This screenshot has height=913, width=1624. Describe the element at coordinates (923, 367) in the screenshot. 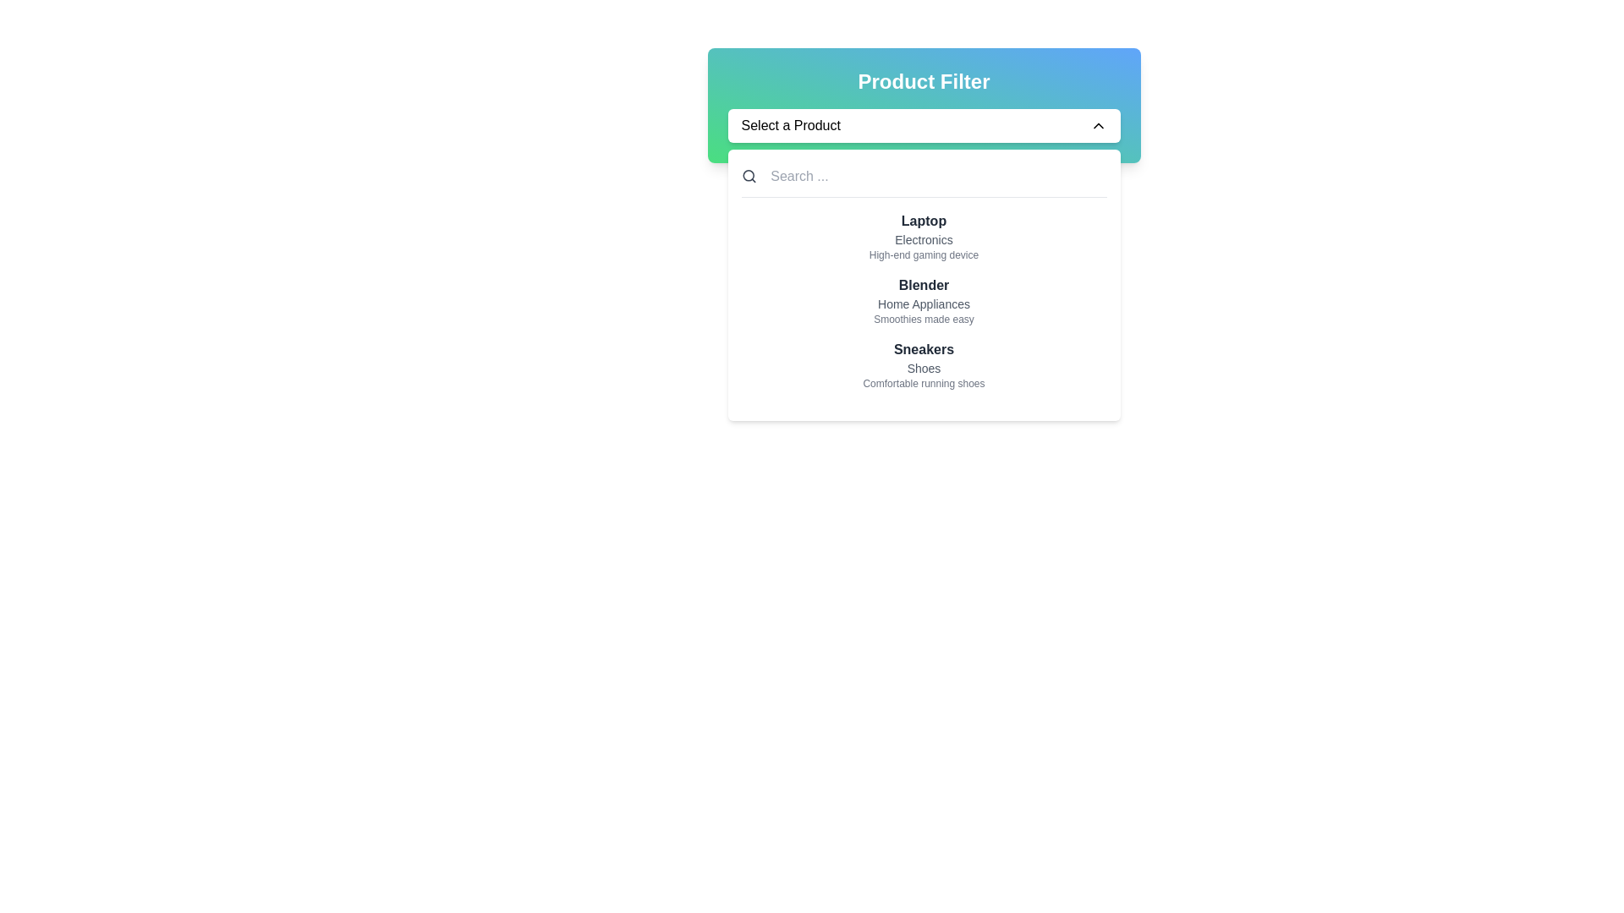

I see `the text label that reads 'Shoes', which is styled in light gray and positioned below the 'Sneakers' label within the dropdown list` at that location.